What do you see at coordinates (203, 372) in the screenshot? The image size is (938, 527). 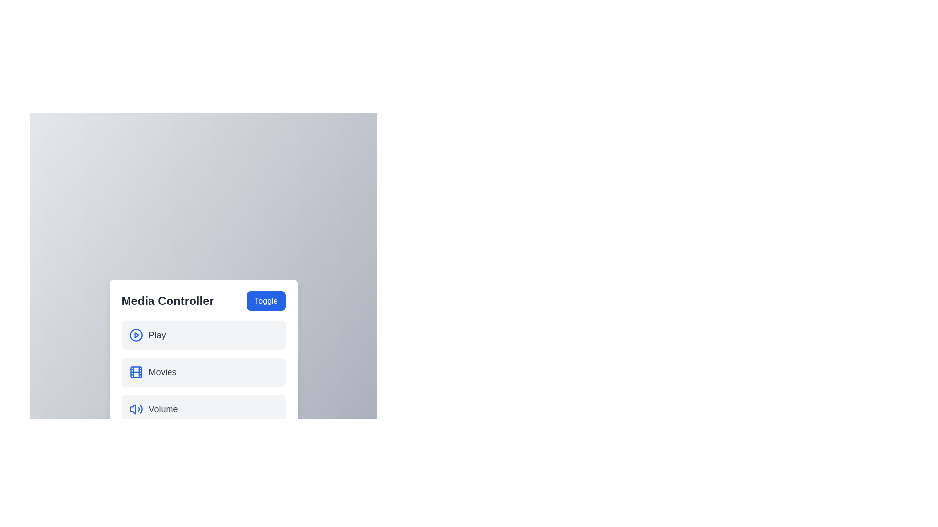 I see `the menu item Movies` at bounding box center [203, 372].